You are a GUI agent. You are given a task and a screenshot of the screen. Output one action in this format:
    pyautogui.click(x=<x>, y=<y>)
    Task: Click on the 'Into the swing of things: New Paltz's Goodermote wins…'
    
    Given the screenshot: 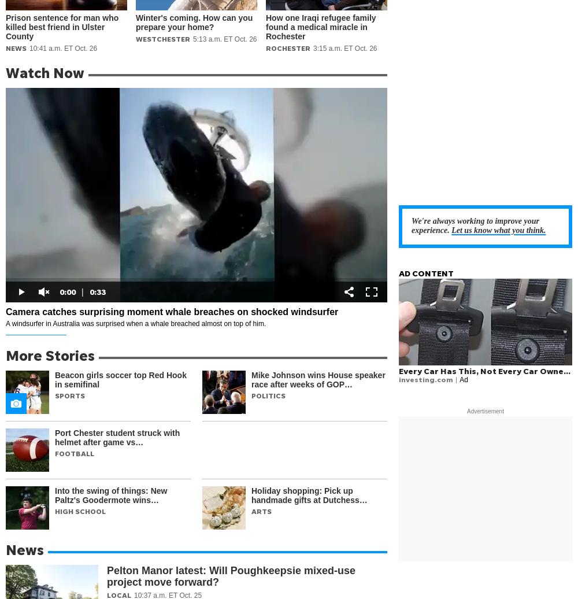 What is the action you would take?
    pyautogui.click(x=110, y=495)
    